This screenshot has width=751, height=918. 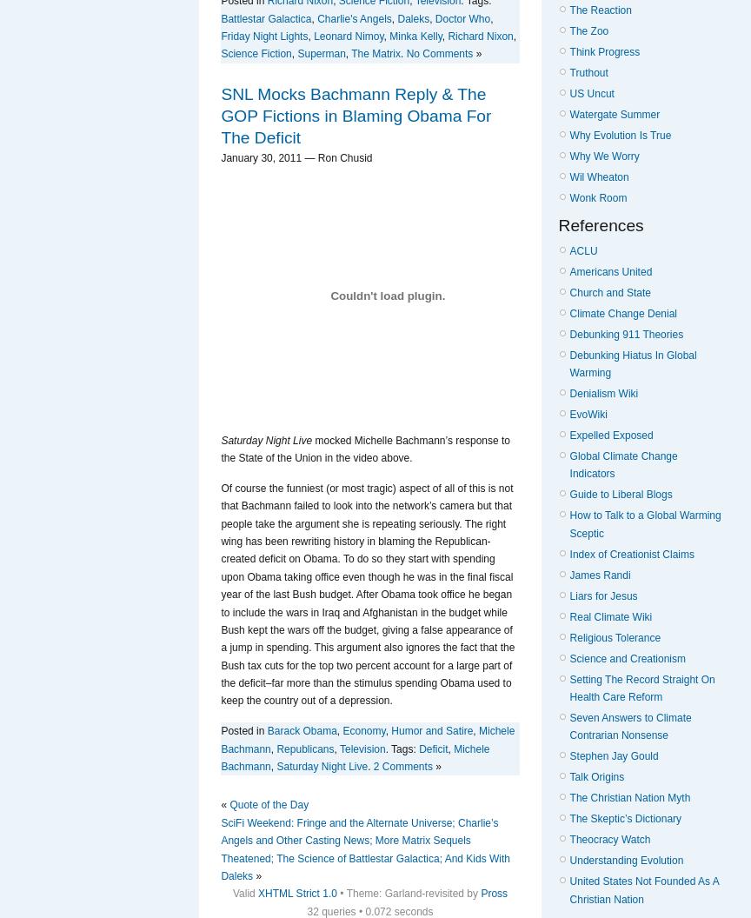 What do you see at coordinates (611, 434) in the screenshot?
I see `'Expelled Exposed'` at bounding box center [611, 434].